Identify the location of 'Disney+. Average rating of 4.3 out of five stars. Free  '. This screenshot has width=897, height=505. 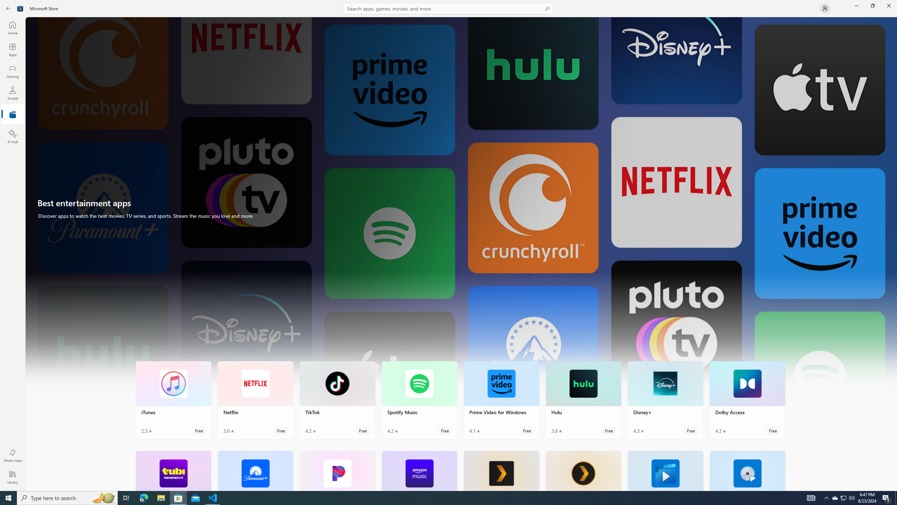
(665, 400).